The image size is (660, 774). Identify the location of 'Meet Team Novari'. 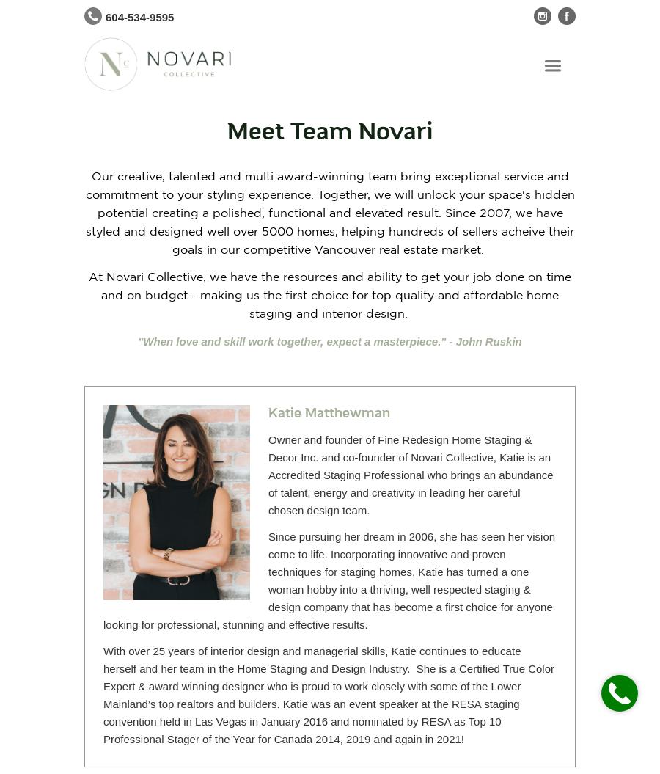
(329, 132).